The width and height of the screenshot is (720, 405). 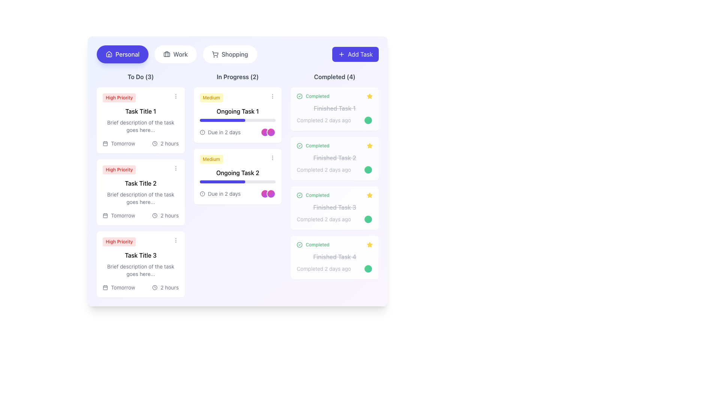 I want to click on the second task card in the 'To Do (3)' column, so click(x=141, y=192).